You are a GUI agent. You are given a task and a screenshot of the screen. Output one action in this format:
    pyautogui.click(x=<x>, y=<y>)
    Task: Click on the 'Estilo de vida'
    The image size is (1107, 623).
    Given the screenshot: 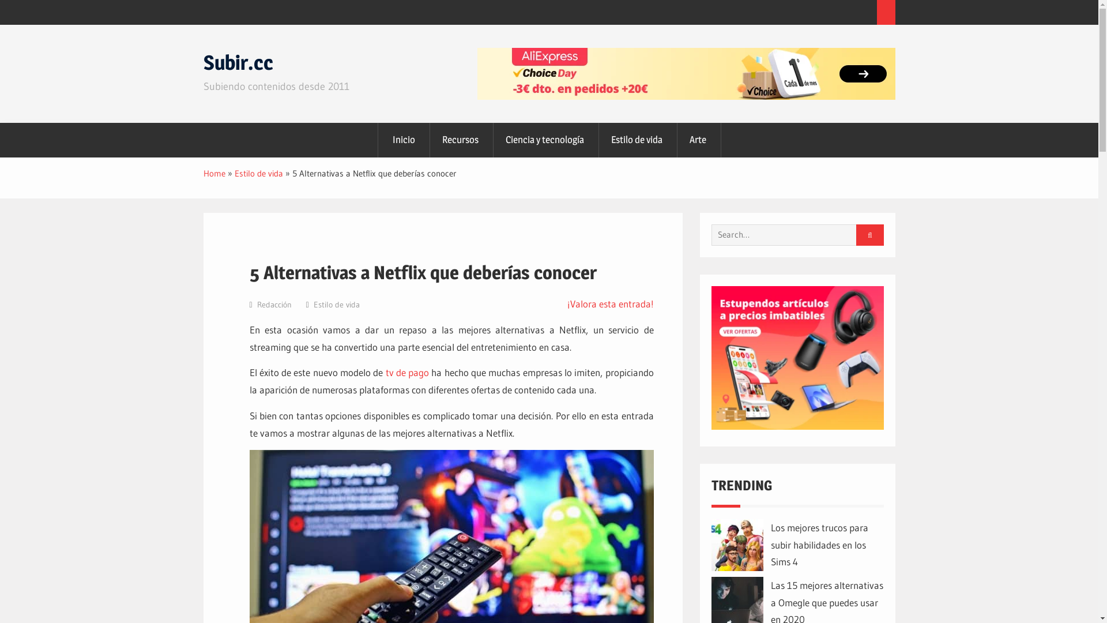 What is the action you would take?
    pyautogui.click(x=336, y=304)
    